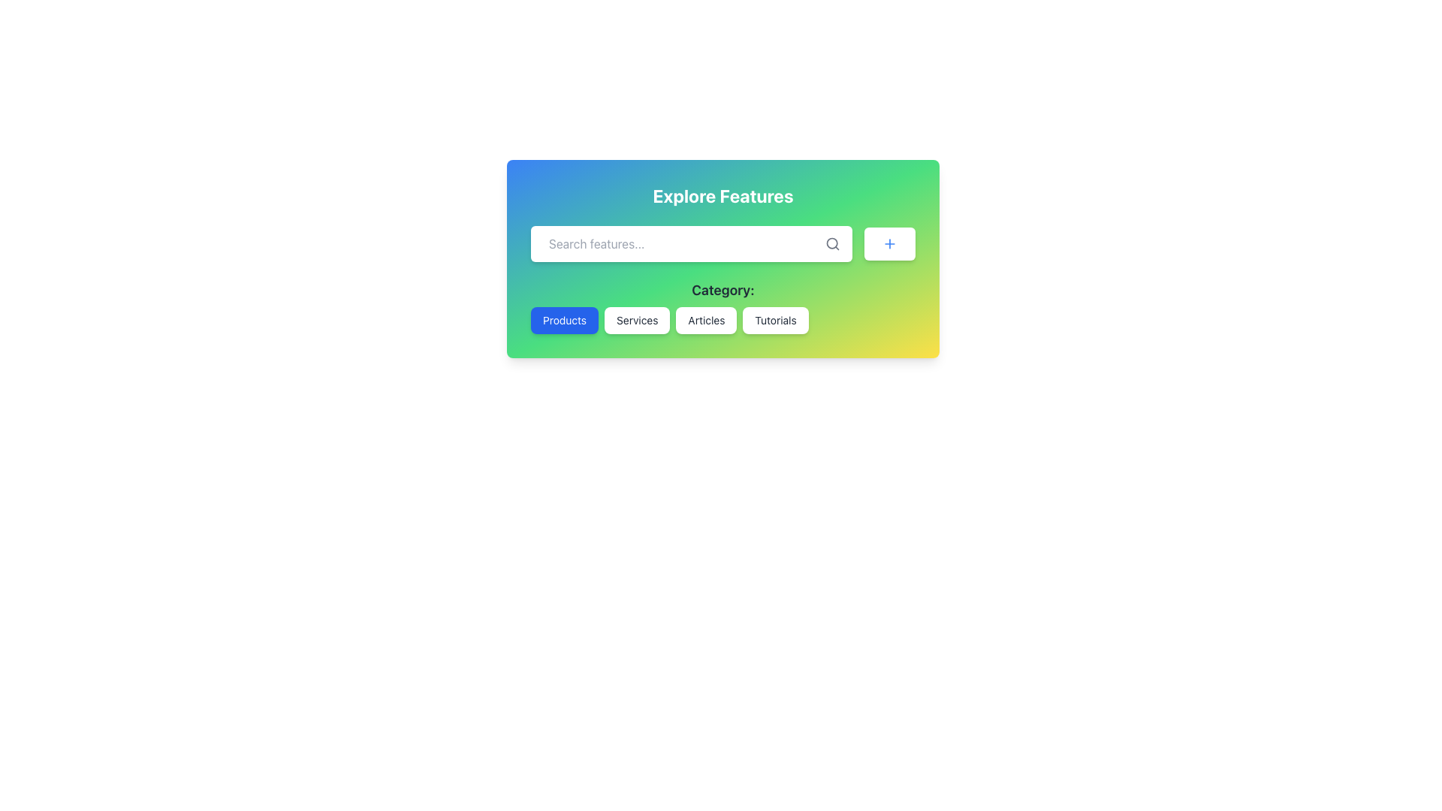 Image resolution: width=1442 pixels, height=811 pixels. Describe the element at coordinates (723, 290) in the screenshot. I see `the text label that indicates the purpose of the buttons below it, which categorize content or features` at that location.